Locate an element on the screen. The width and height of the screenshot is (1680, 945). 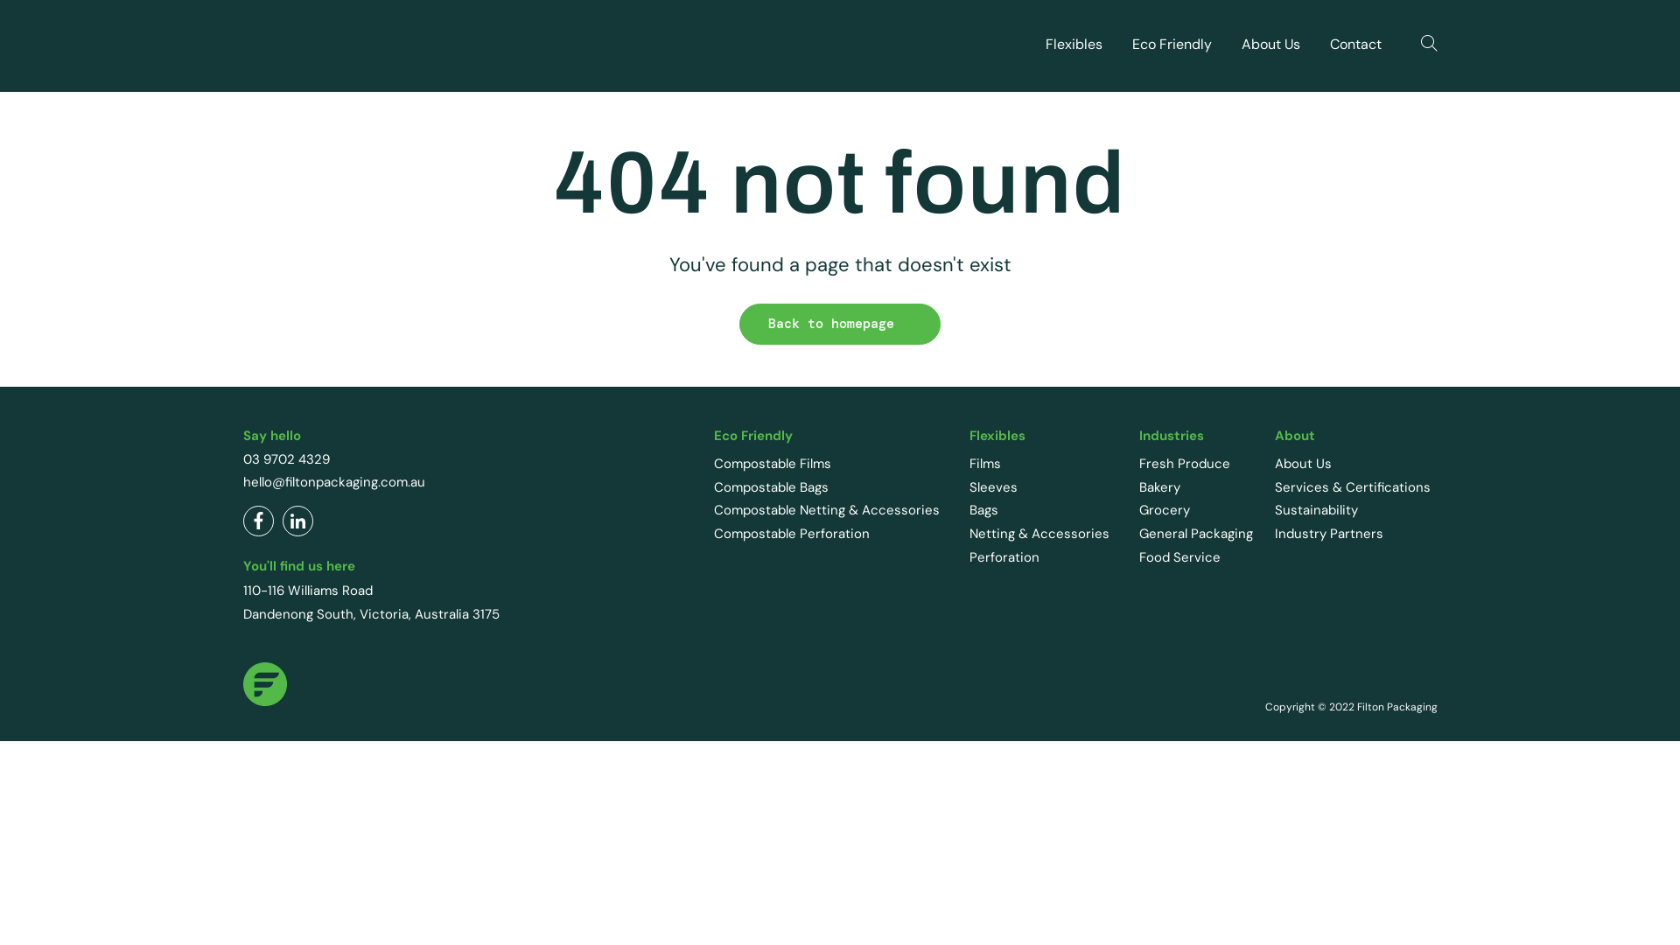
'Compostable Bags' is located at coordinates (714, 486).